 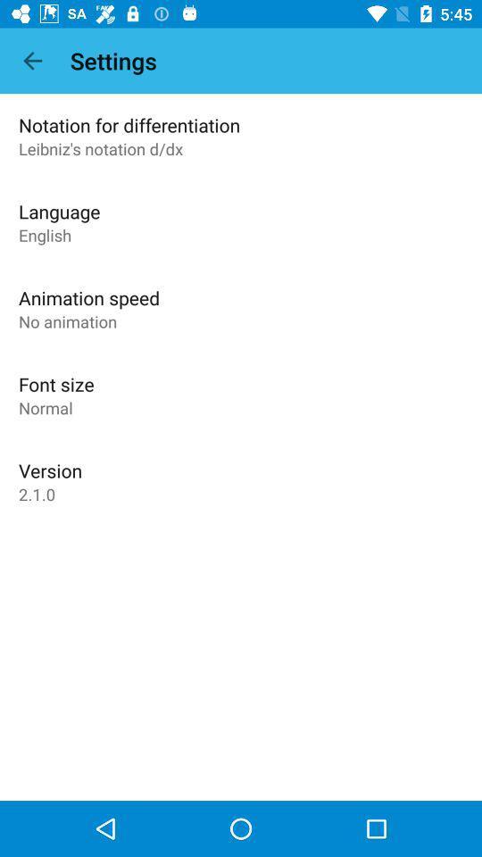 What do you see at coordinates (88, 297) in the screenshot?
I see `the animation speed app` at bounding box center [88, 297].